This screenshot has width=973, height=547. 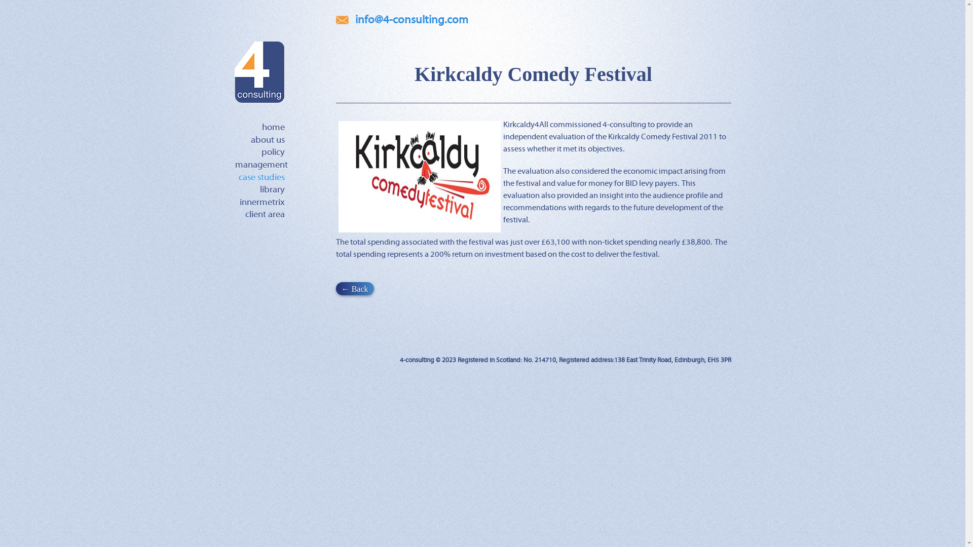 I want to click on 'info@4-consulting.com', so click(x=411, y=20).